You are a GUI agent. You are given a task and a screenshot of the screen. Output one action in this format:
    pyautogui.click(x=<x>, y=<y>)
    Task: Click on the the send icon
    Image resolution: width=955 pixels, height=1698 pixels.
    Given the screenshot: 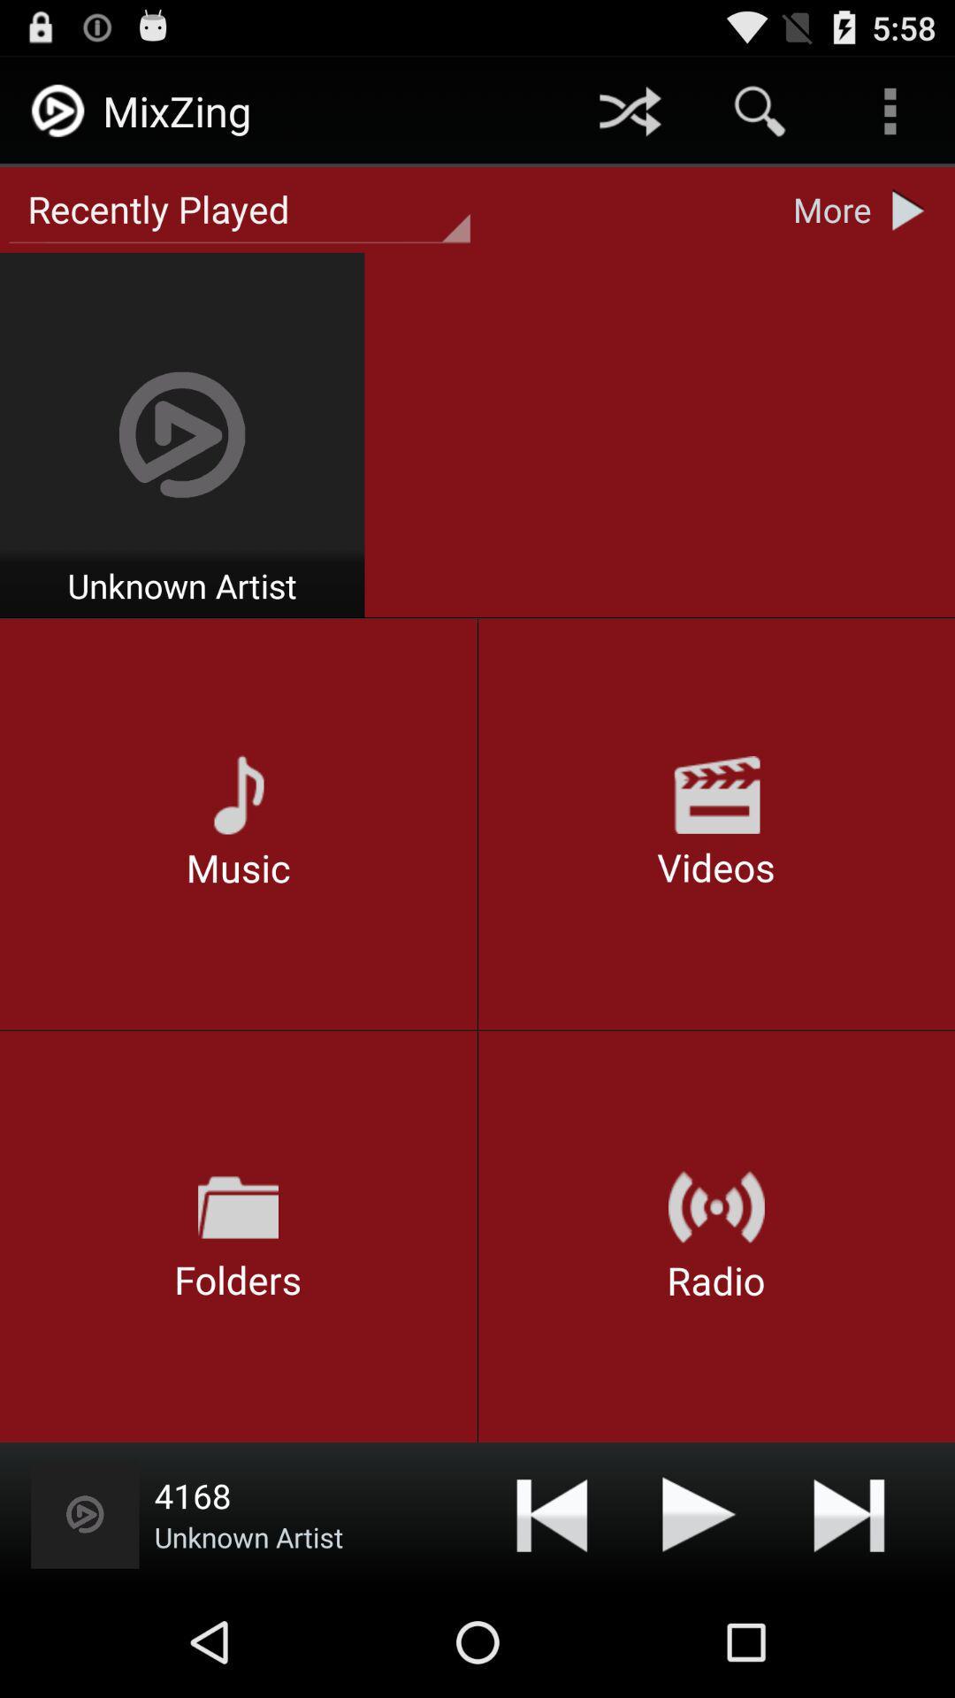 What is the action you would take?
    pyautogui.click(x=699, y=1620)
    